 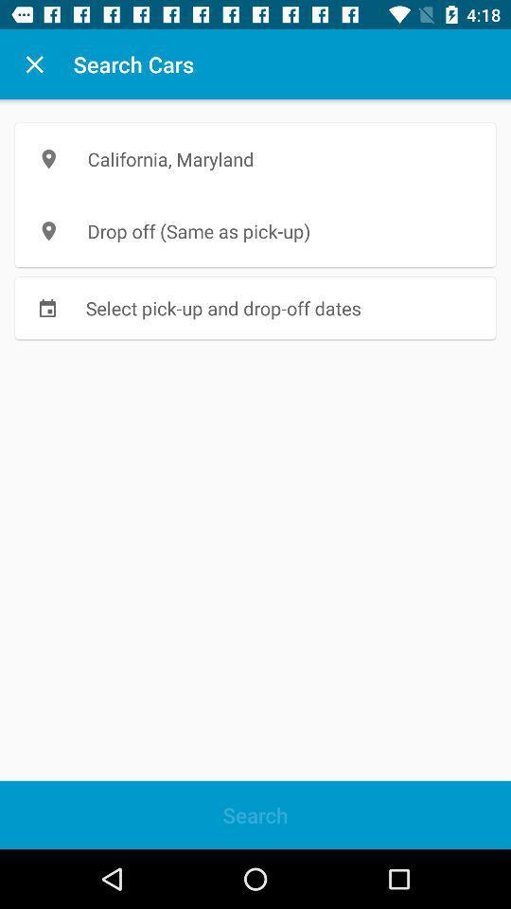 What do you see at coordinates (255, 158) in the screenshot?
I see `the california, maryland item` at bounding box center [255, 158].